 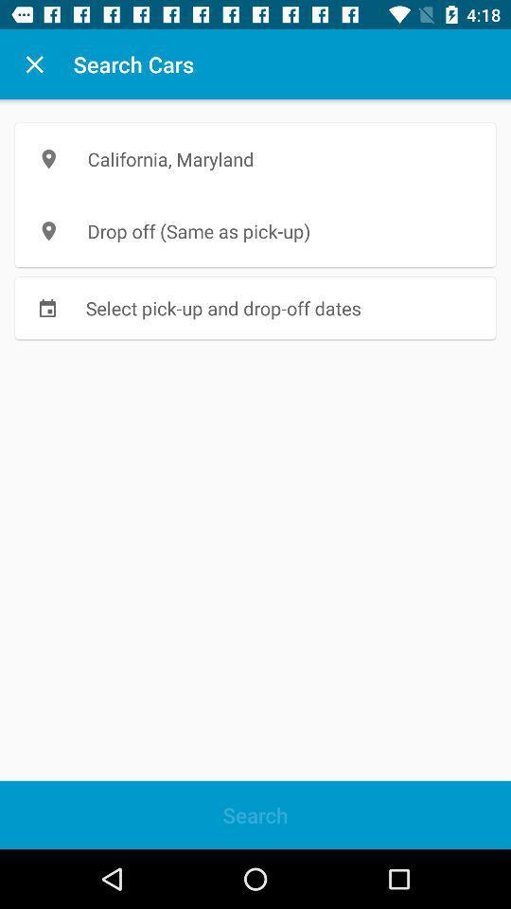 What do you see at coordinates (255, 158) in the screenshot?
I see `the california, maryland item` at bounding box center [255, 158].